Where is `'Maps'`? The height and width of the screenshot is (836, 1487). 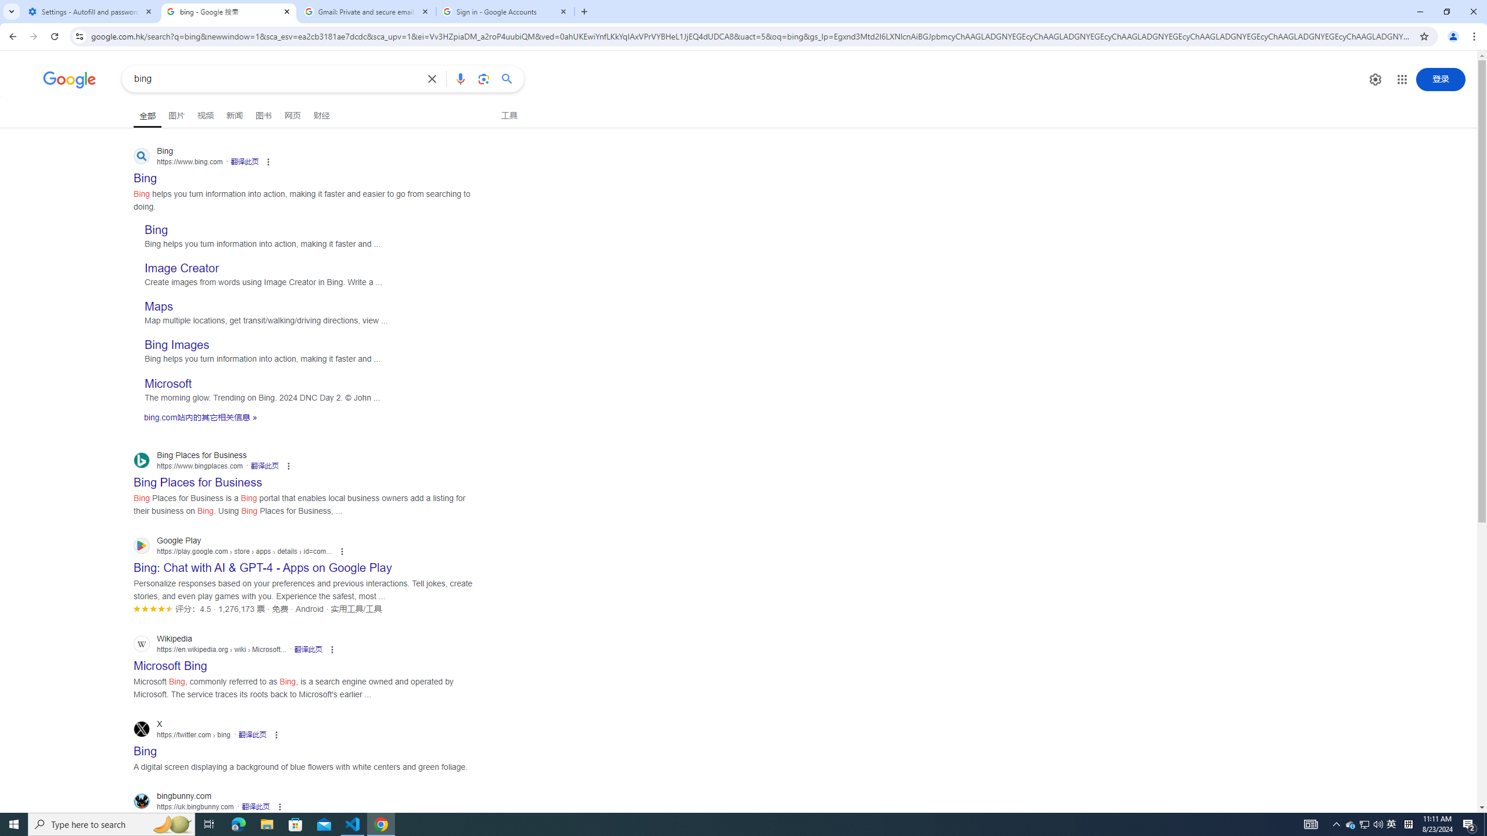 'Maps' is located at coordinates (158, 307).